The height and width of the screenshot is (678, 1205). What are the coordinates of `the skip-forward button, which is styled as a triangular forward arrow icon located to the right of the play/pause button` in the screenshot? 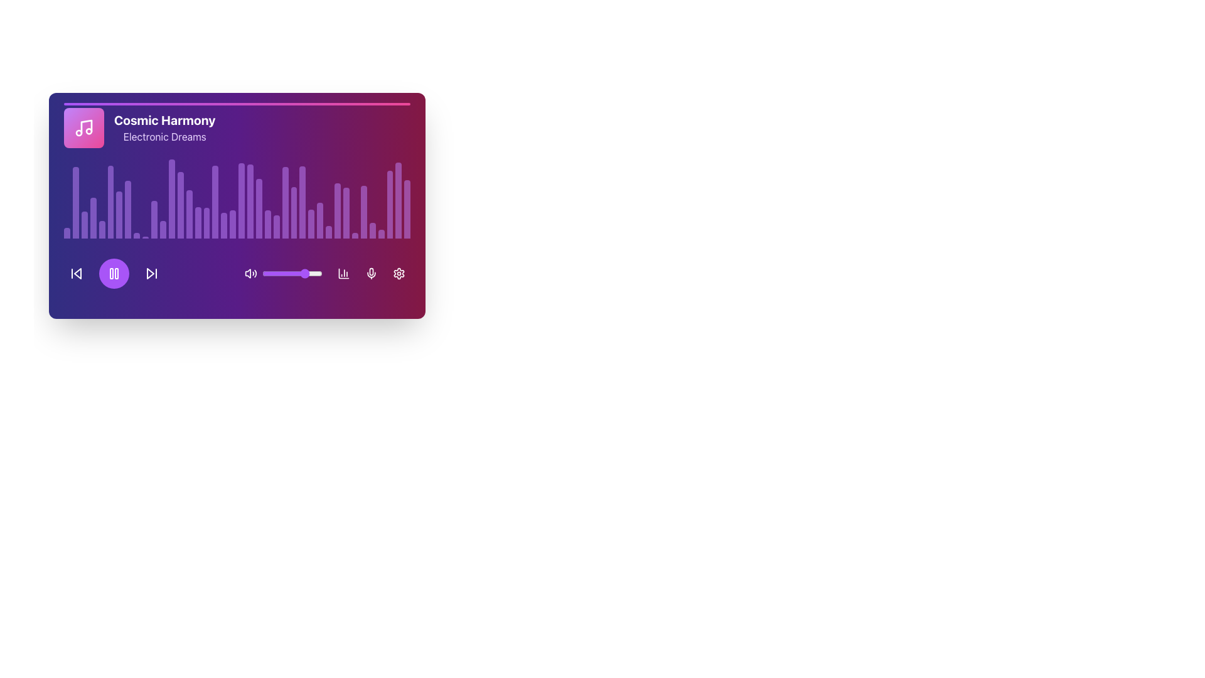 It's located at (151, 272).